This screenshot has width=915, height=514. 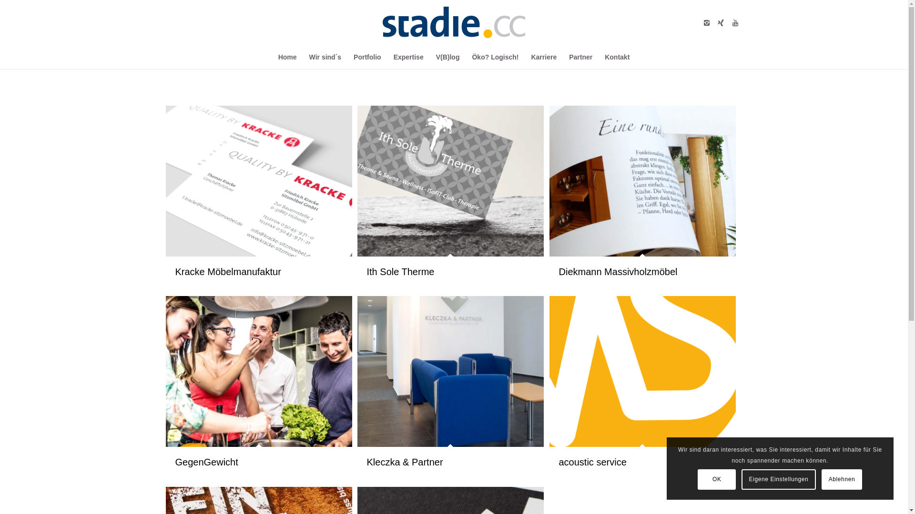 I want to click on 'Portfolio', so click(x=367, y=57).